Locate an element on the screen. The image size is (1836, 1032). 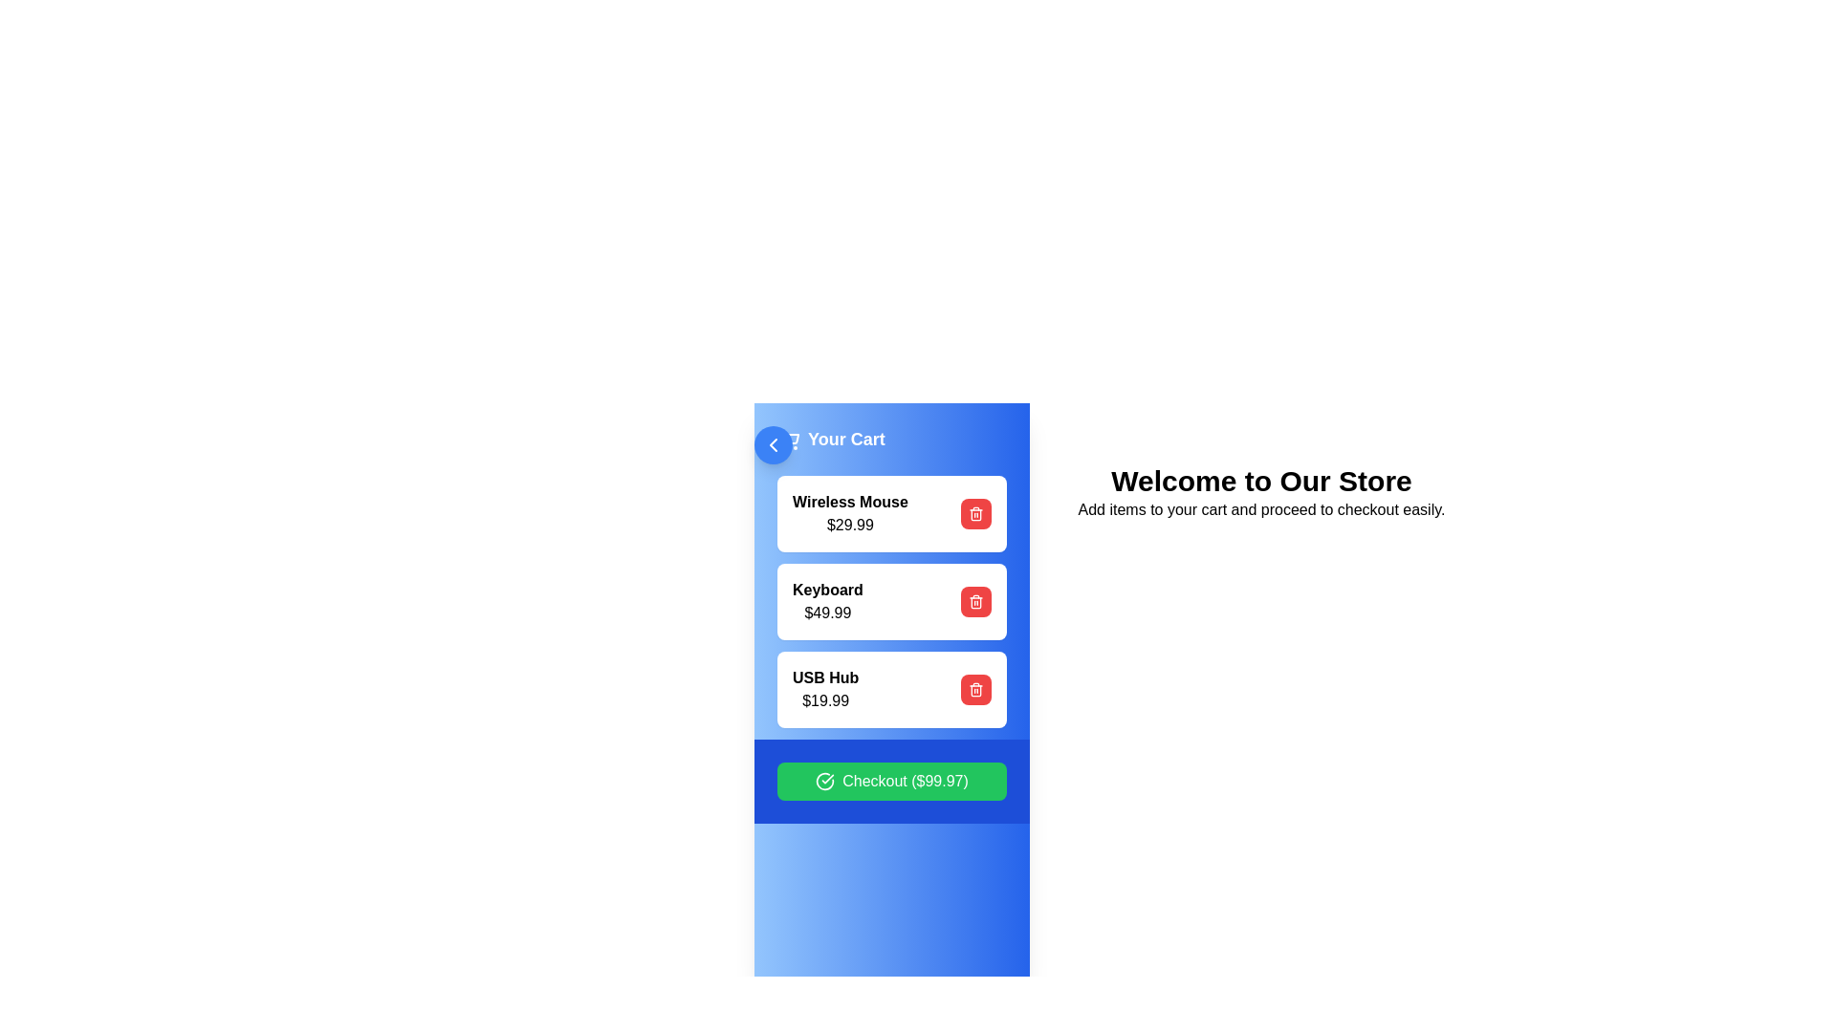
text 'Keyboard' which is styled in bold or semi-bold font and located above the price tag '$49.99' in the second item of 'Your Cart' is located at coordinates (827, 589).